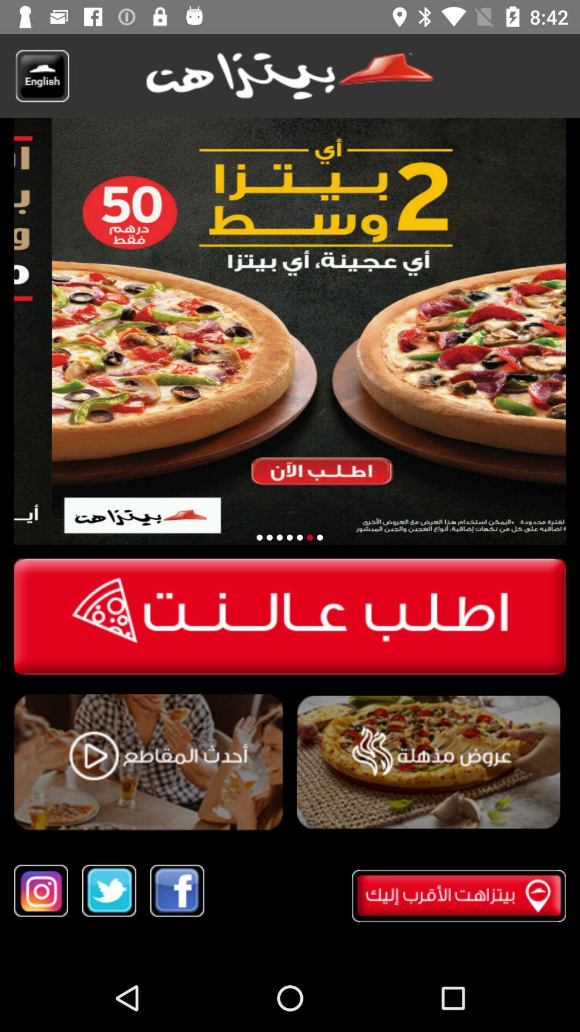  I want to click on next page icon button, so click(289, 537).